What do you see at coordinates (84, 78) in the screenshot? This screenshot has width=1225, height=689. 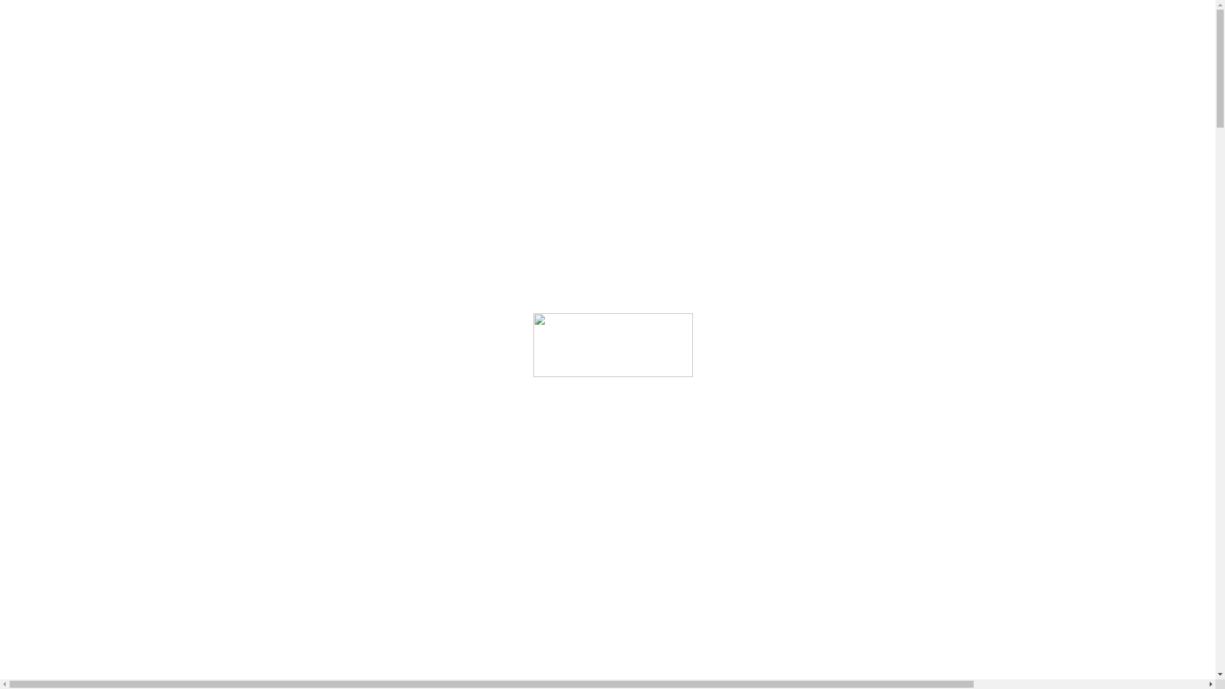 I see `'VEELGESTELDE VRAGEN'` at bounding box center [84, 78].